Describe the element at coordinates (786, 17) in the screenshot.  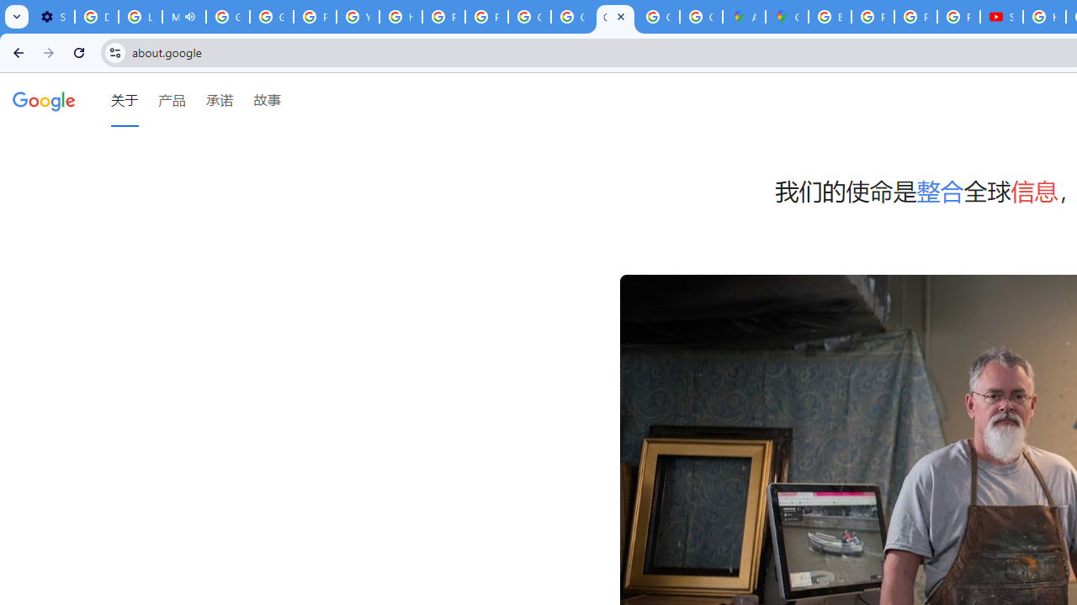
I see `'Google Maps'` at that location.